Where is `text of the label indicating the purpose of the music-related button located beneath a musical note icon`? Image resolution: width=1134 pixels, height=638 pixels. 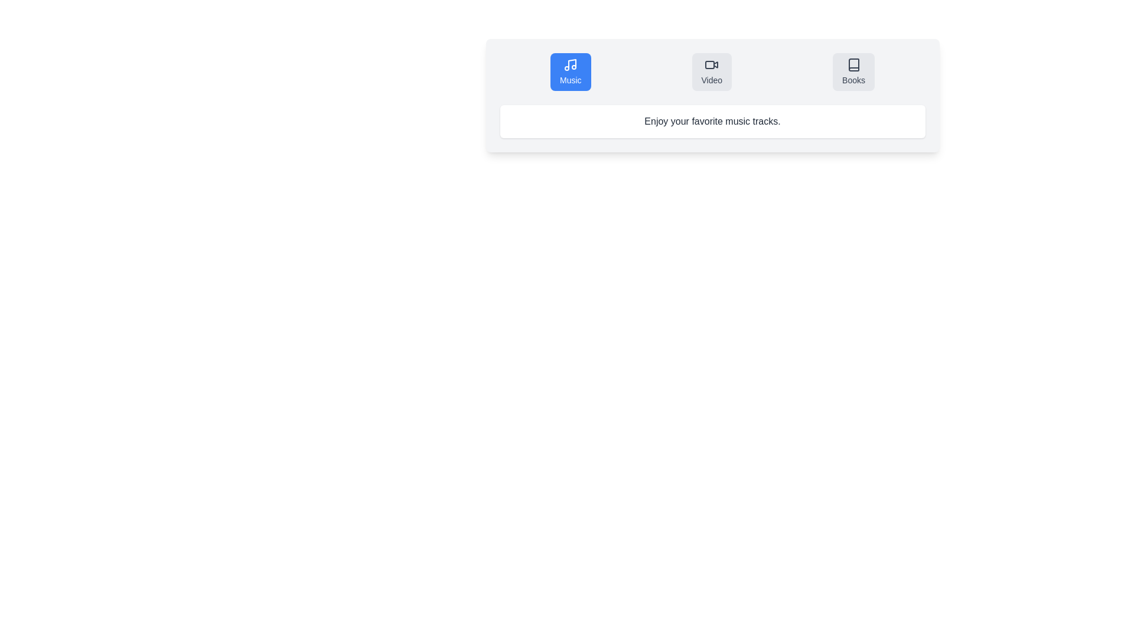
text of the label indicating the purpose of the music-related button located beneath a musical note icon is located at coordinates (571, 80).